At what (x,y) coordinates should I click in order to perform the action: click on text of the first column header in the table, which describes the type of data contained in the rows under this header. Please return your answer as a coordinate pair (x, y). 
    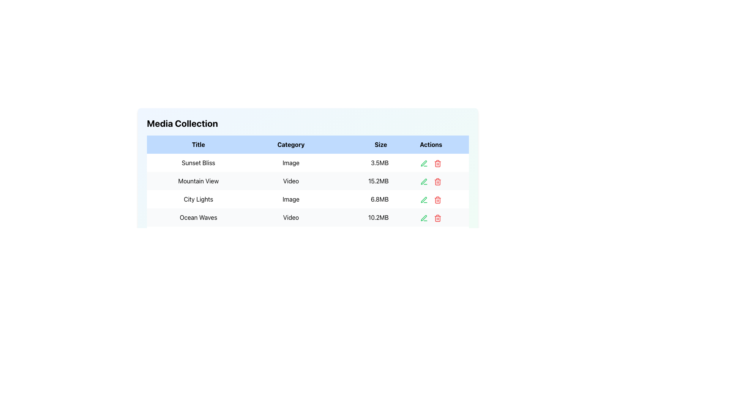
    Looking at the image, I should click on (198, 145).